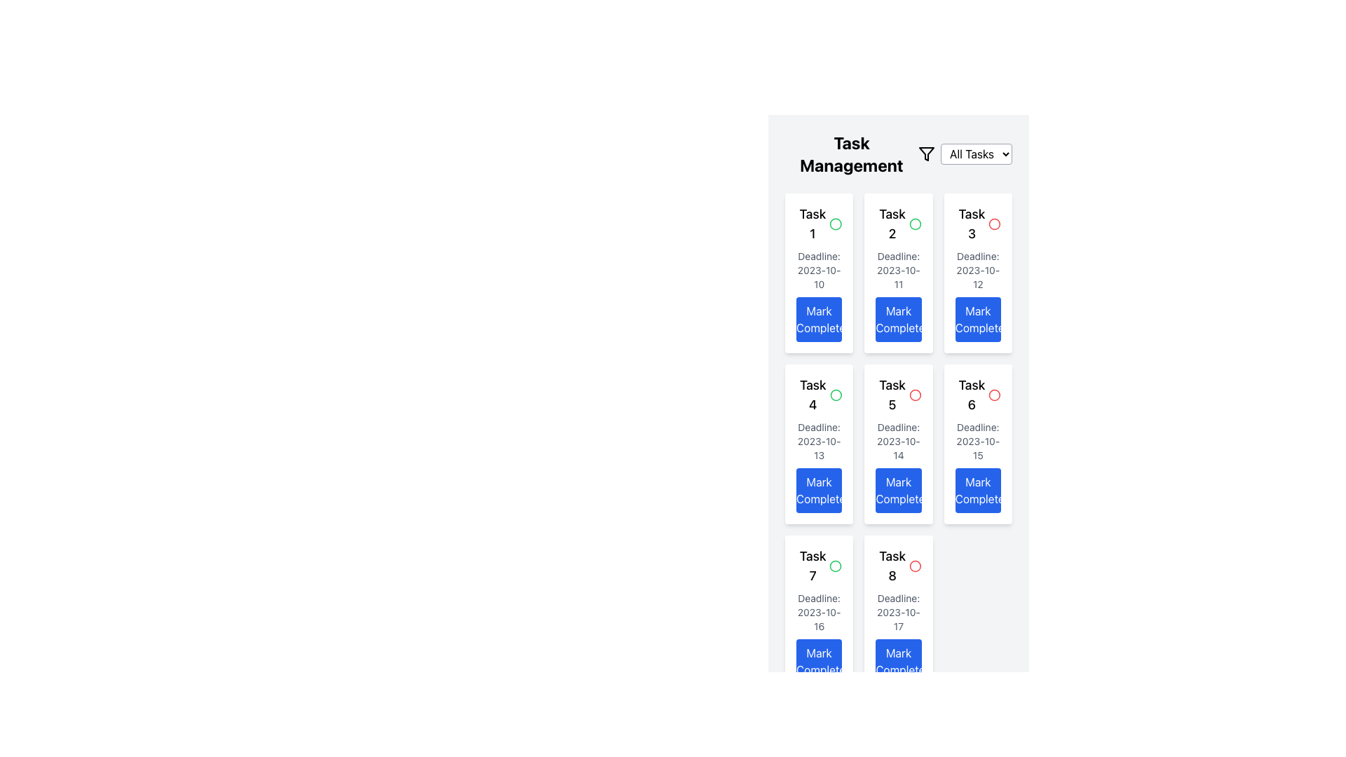  I want to click on the header text label that indicates the purpose of the task management section, located at the top-left of the interface, above the options 'All Tasks,' 'Work,' and 'Personal.', so click(850, 154).